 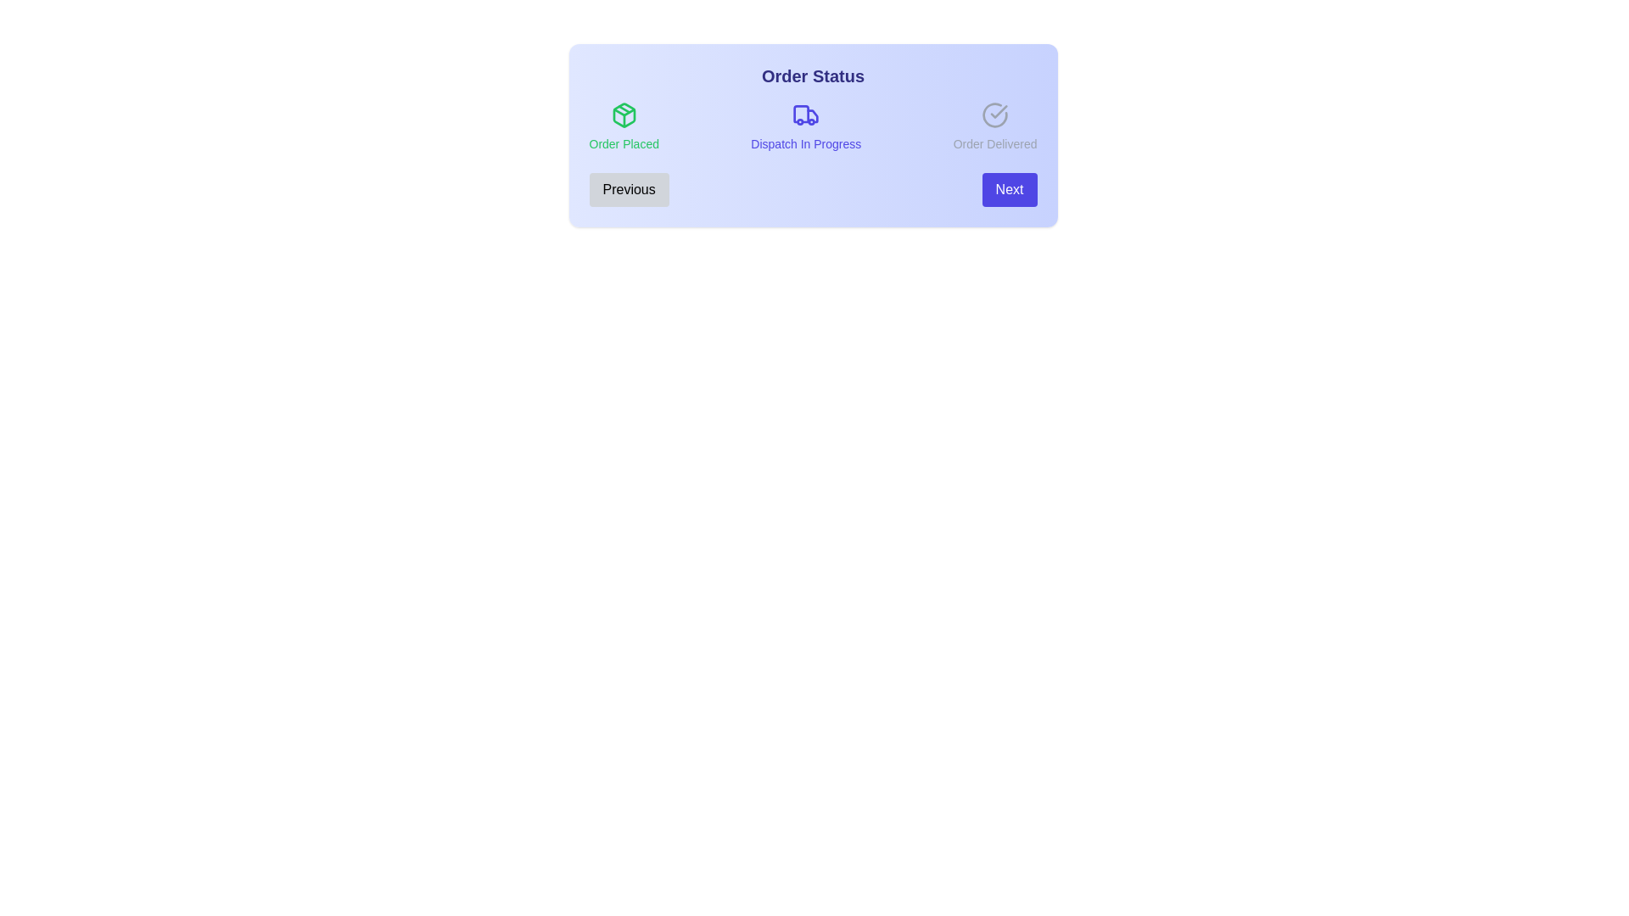 I want to click on the active stage of the Progress Indicator, which is centrally located within the 'Order Status' section, so click(x=812, y=126).